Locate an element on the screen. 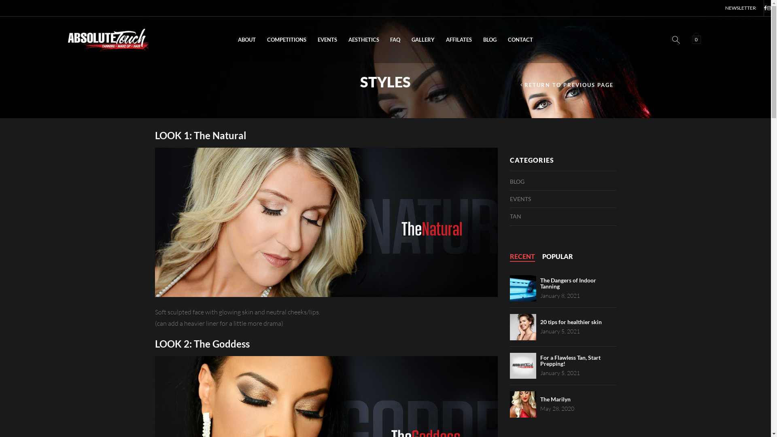 The width and height of the screenshot is (777, 437). 'EVENTS' is located at coordinates (520, 199).